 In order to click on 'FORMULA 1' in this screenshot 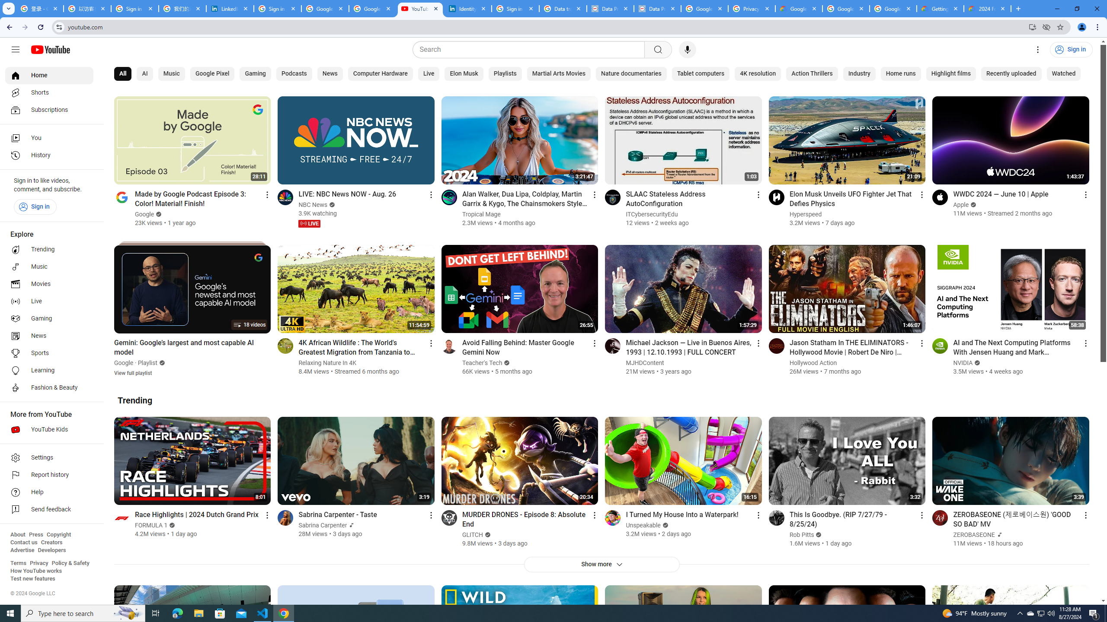, I will do `click(151, 525)`.